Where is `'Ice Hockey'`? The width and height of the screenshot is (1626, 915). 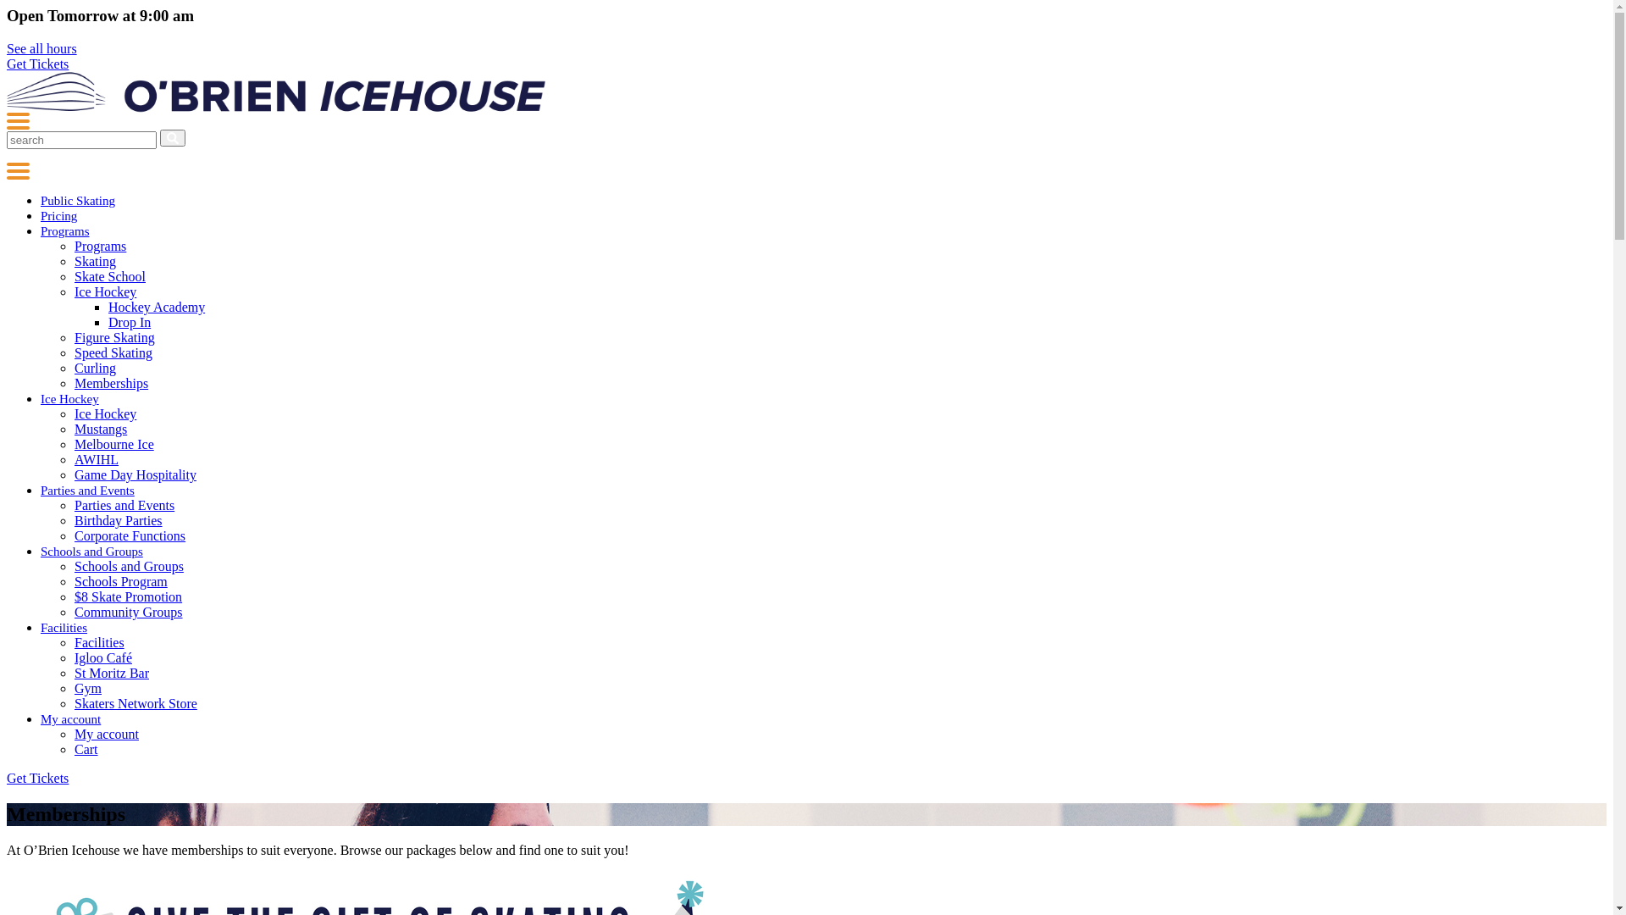 'Ice Hockey' is located at coordinates (73, 291).